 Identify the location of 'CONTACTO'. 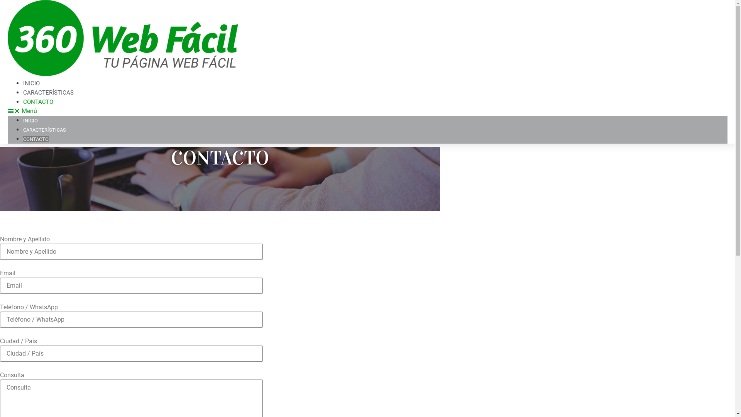
(35, 139).